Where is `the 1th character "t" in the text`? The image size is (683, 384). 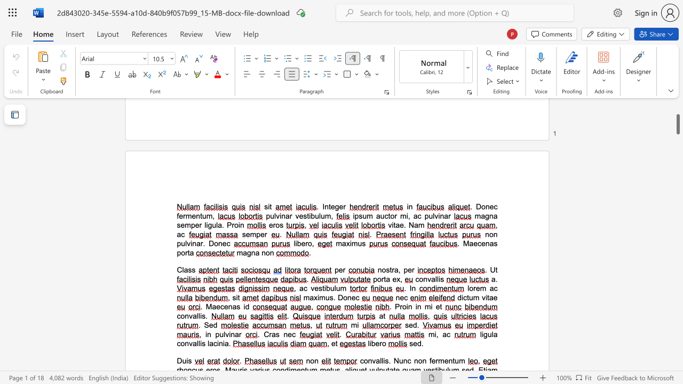 the 1th character "t" in the text is located at coordinates (384, 278).